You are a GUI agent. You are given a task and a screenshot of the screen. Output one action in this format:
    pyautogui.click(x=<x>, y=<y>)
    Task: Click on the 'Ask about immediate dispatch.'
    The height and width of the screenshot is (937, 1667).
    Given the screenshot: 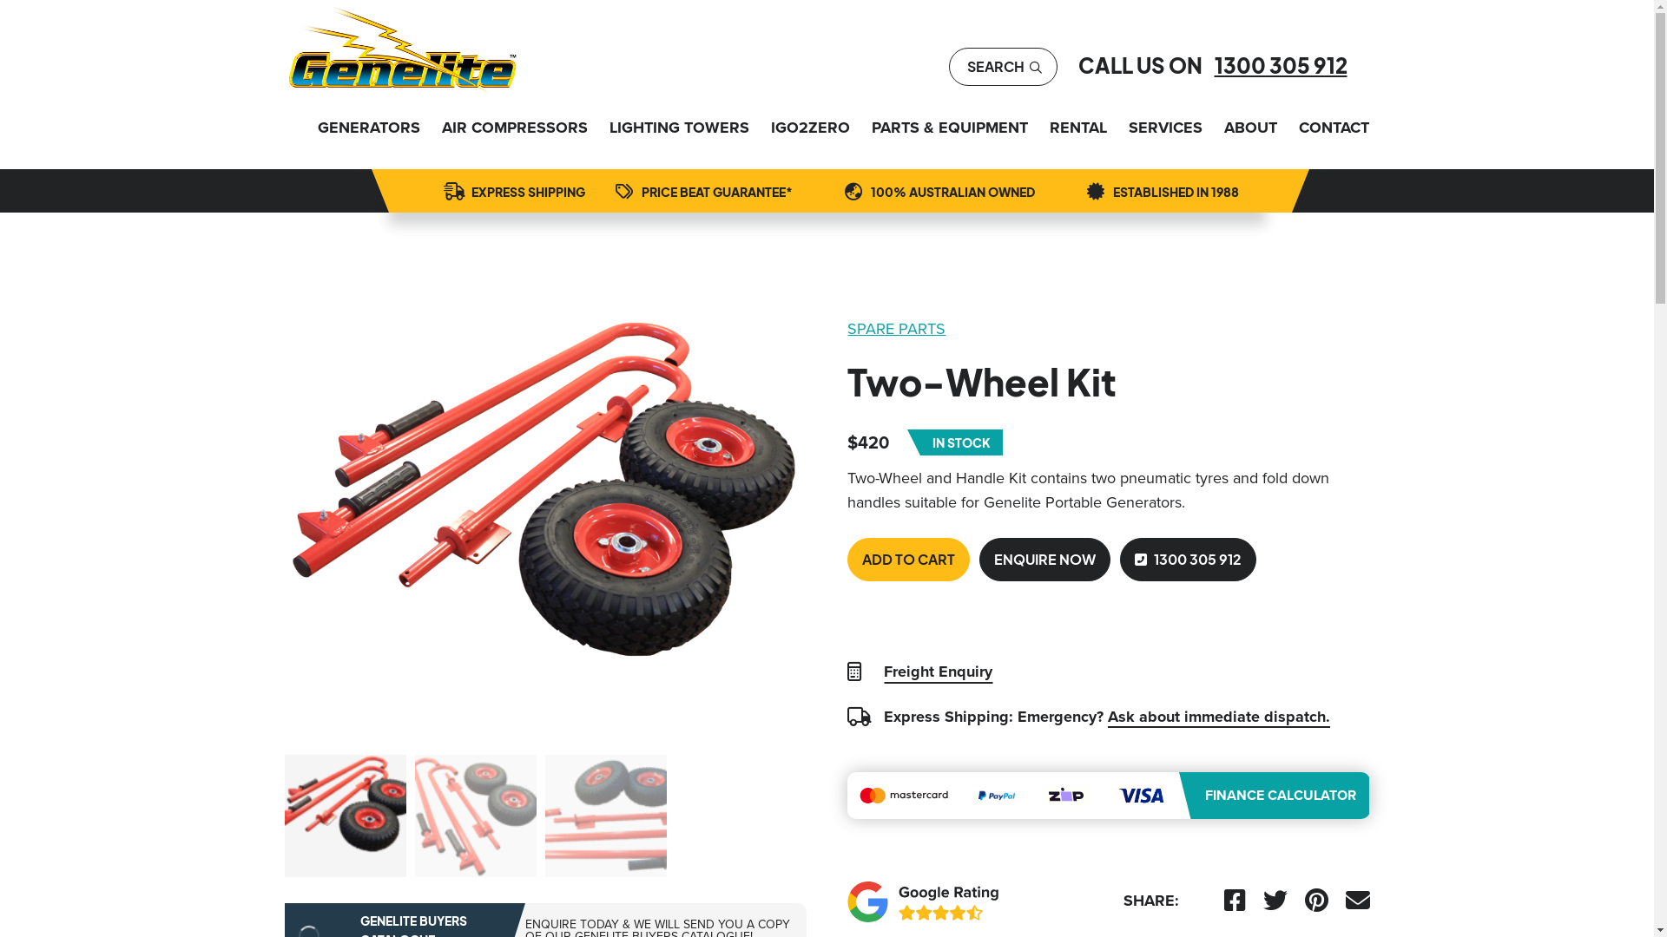 What is the action you would take?
    pyautogui.click(x=1217, y=716)
    